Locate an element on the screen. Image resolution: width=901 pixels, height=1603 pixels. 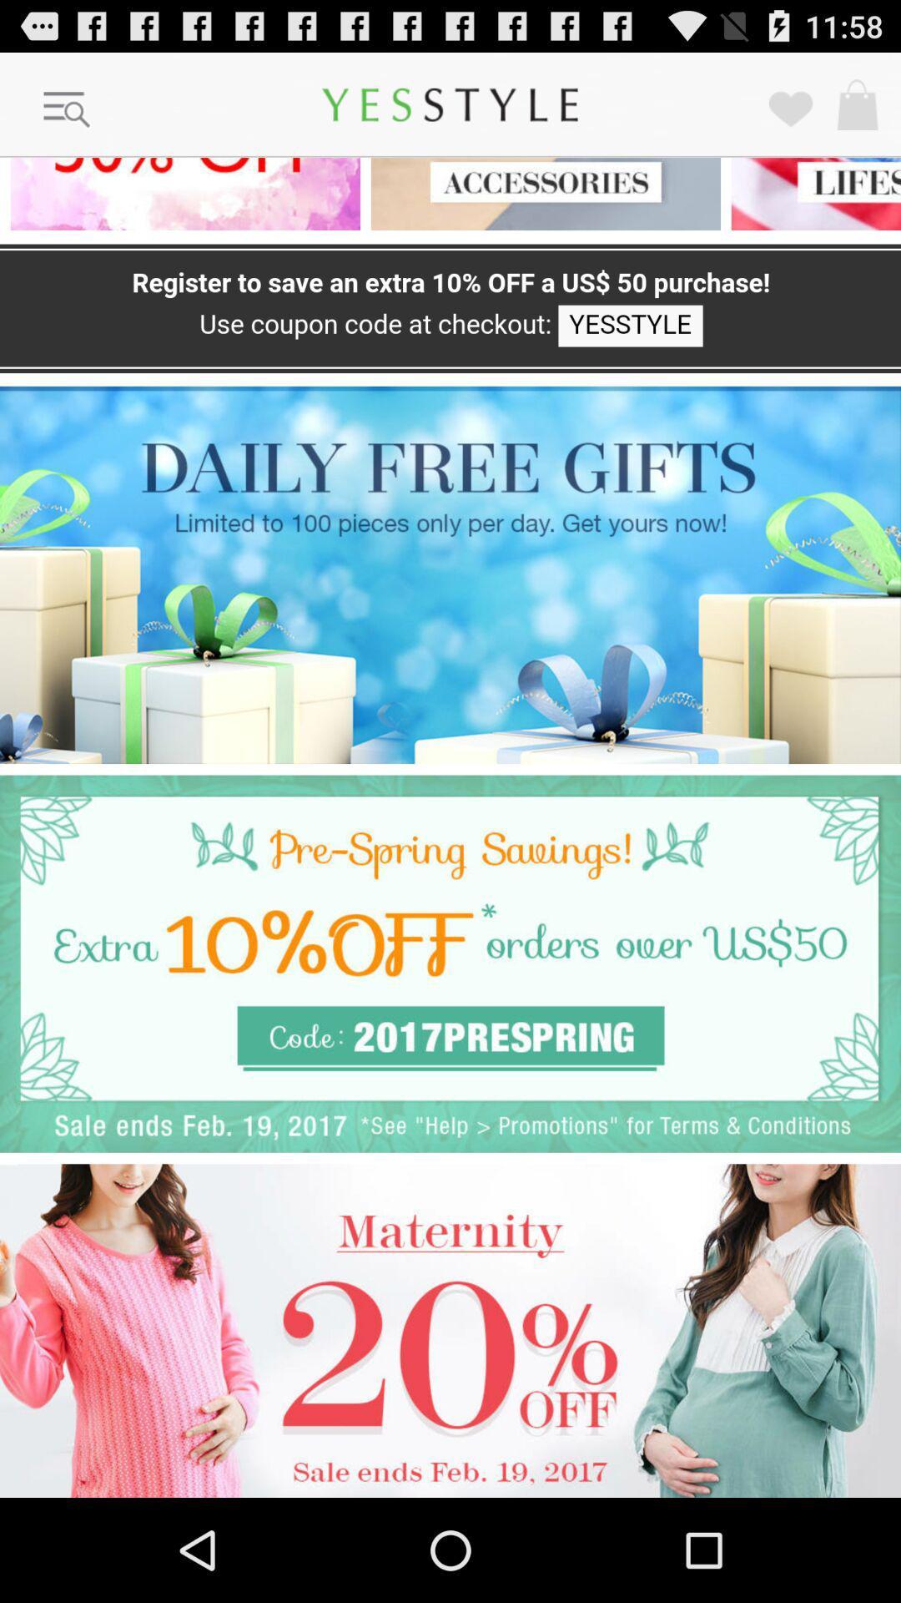
advertisement option is located at coordinates (450, 963).